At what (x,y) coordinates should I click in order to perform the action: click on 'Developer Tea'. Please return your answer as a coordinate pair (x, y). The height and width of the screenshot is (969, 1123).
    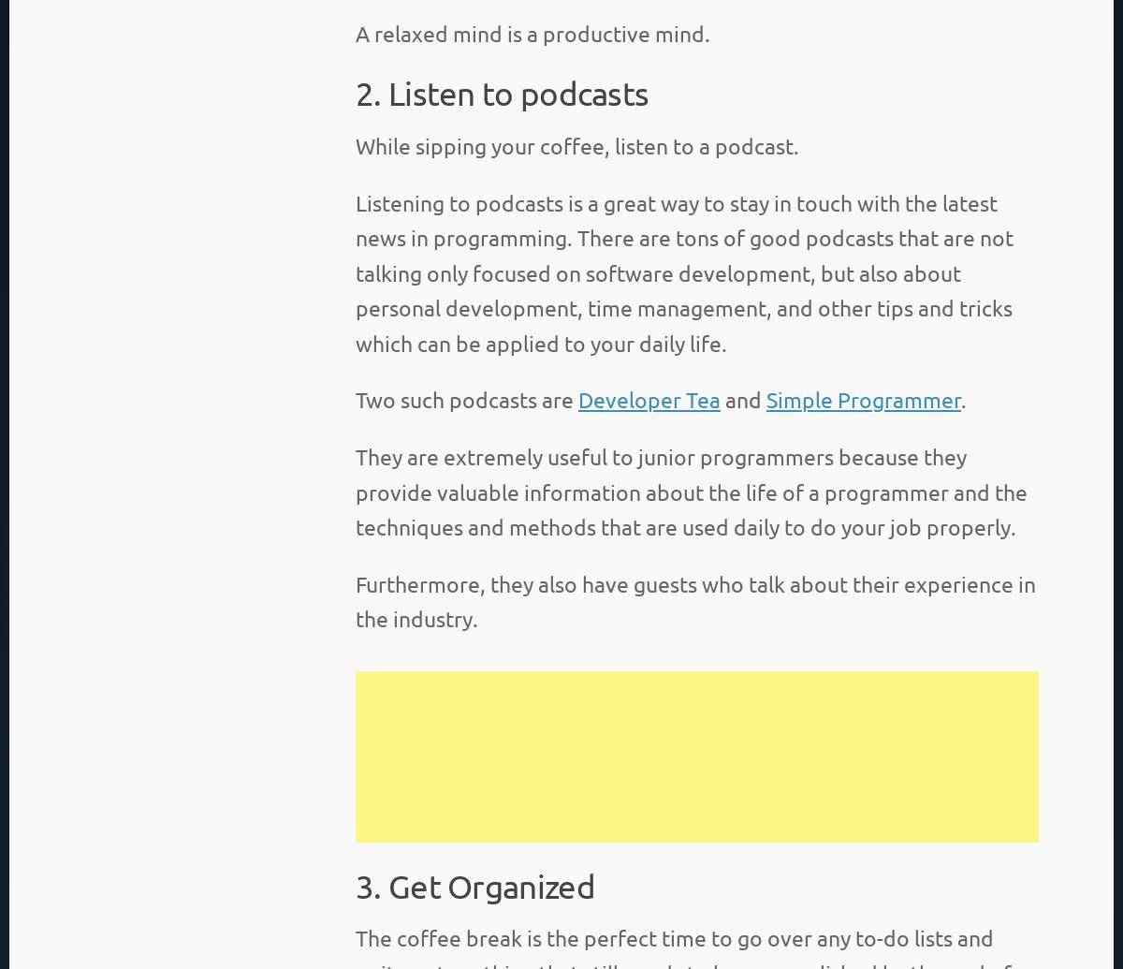
    Looking at the image, I should click on (649, 399).